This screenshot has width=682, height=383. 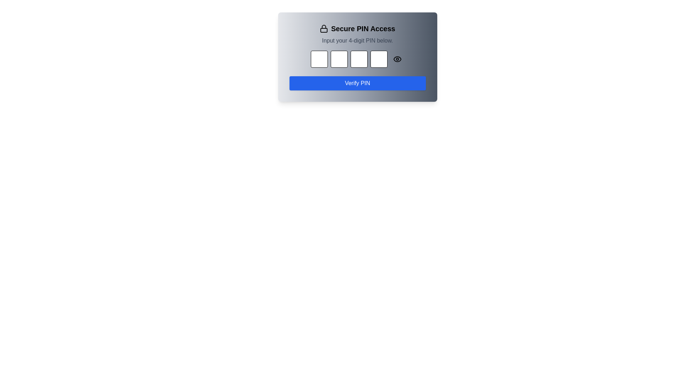 What do you see at coordinates (357, 83) in the screenshot?
I see `the 'Verify PIN' button with a blue background and white text, which is located at the bottom of the PIN input card` at bounding box center [357, 83].